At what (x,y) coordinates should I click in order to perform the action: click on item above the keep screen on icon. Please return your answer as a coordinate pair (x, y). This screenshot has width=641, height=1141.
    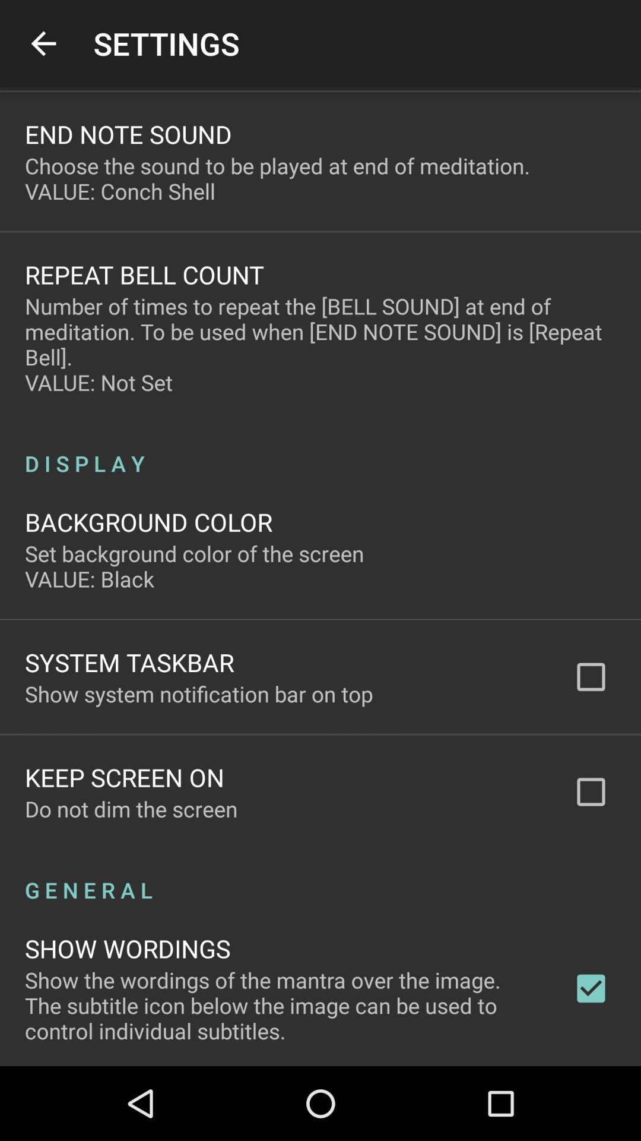
    Looking at the image, I should click on (198, 694).